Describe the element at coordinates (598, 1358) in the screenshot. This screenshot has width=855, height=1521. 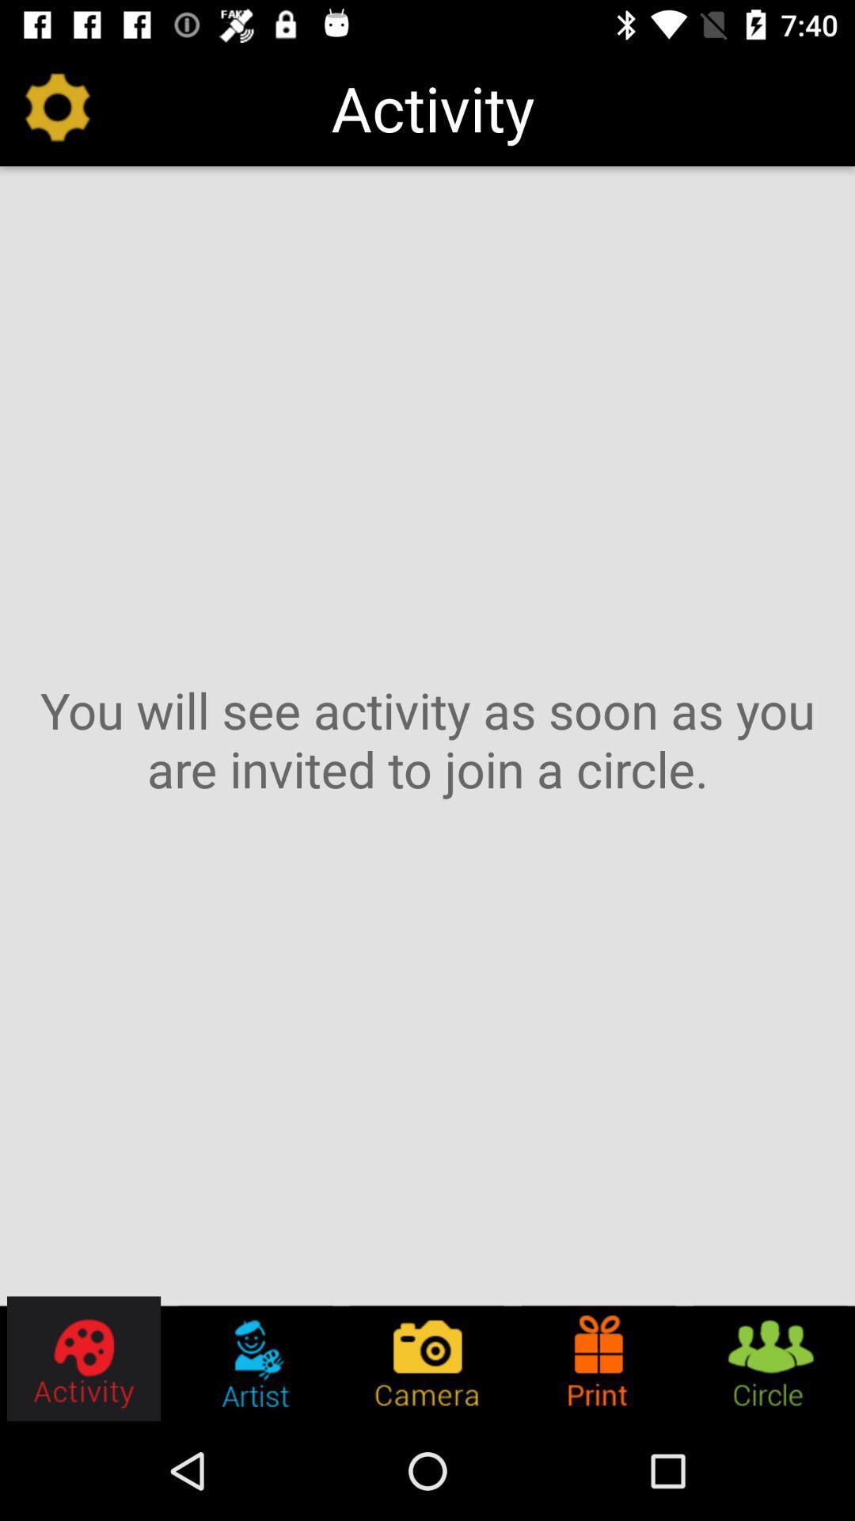
I see `the gift icon` at that location.